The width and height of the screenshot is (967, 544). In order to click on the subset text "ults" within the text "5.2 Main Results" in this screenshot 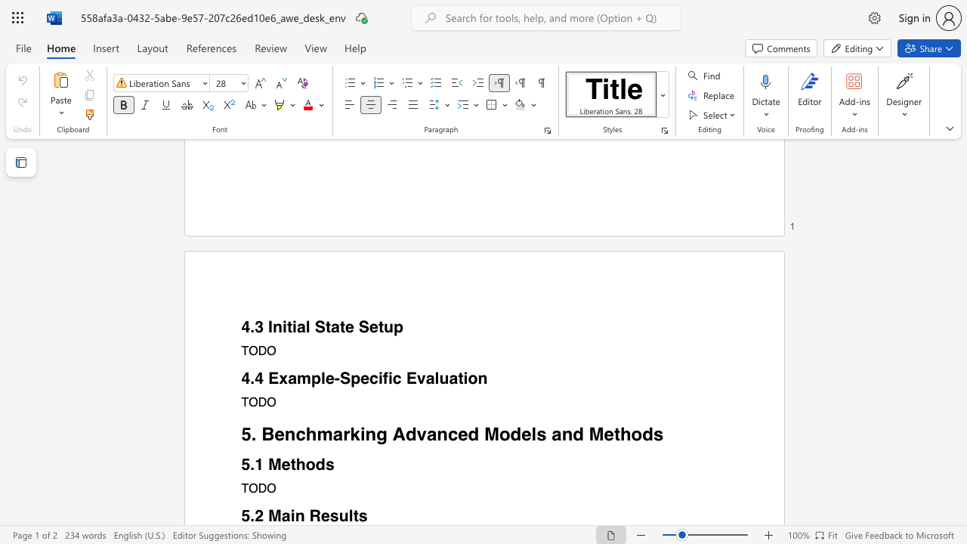, I will do `click(338, 515)`.